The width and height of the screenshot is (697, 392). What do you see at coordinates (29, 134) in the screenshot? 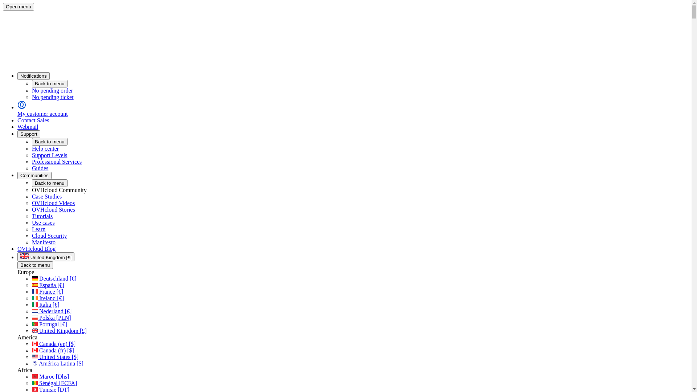
I see `'Support'` at bounding box center [29, 134].